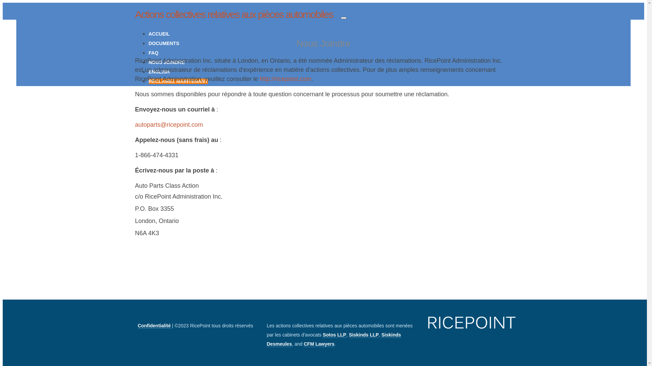  What do you see at coordinates (164, 43) in the screenshot?
I see `'DOCUMENTS'` at bounding box center [164, 43].